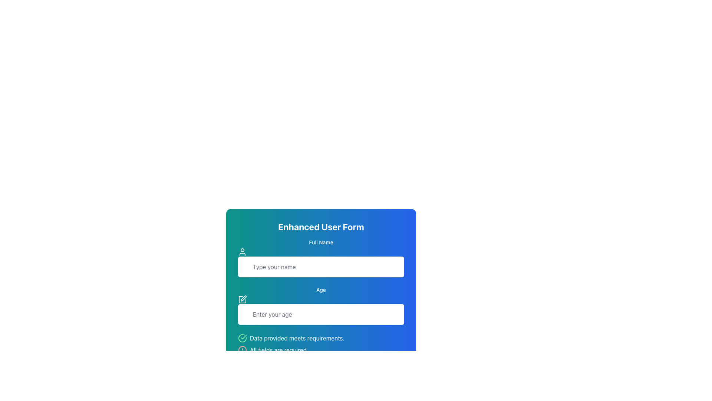  I want to click on the informational text element that displays the messages 'Data provided meets requirements.' and 'All fields are required.' along with their respective icons, located near the bottom of the form, so click(321, 344).